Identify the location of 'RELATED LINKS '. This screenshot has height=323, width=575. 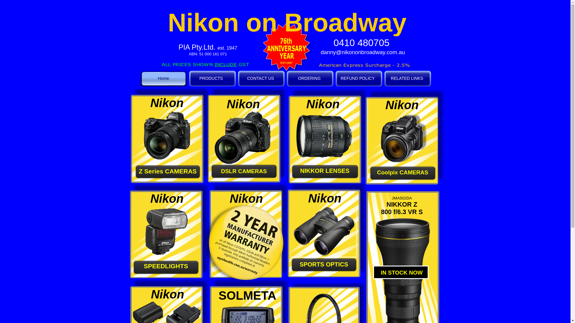
(383, 78).